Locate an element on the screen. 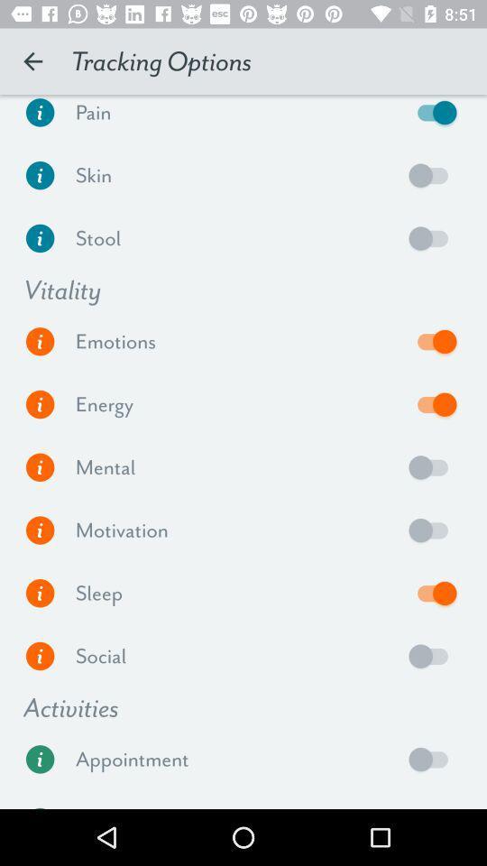  turns on appointment is located at coordinates (432, 758).